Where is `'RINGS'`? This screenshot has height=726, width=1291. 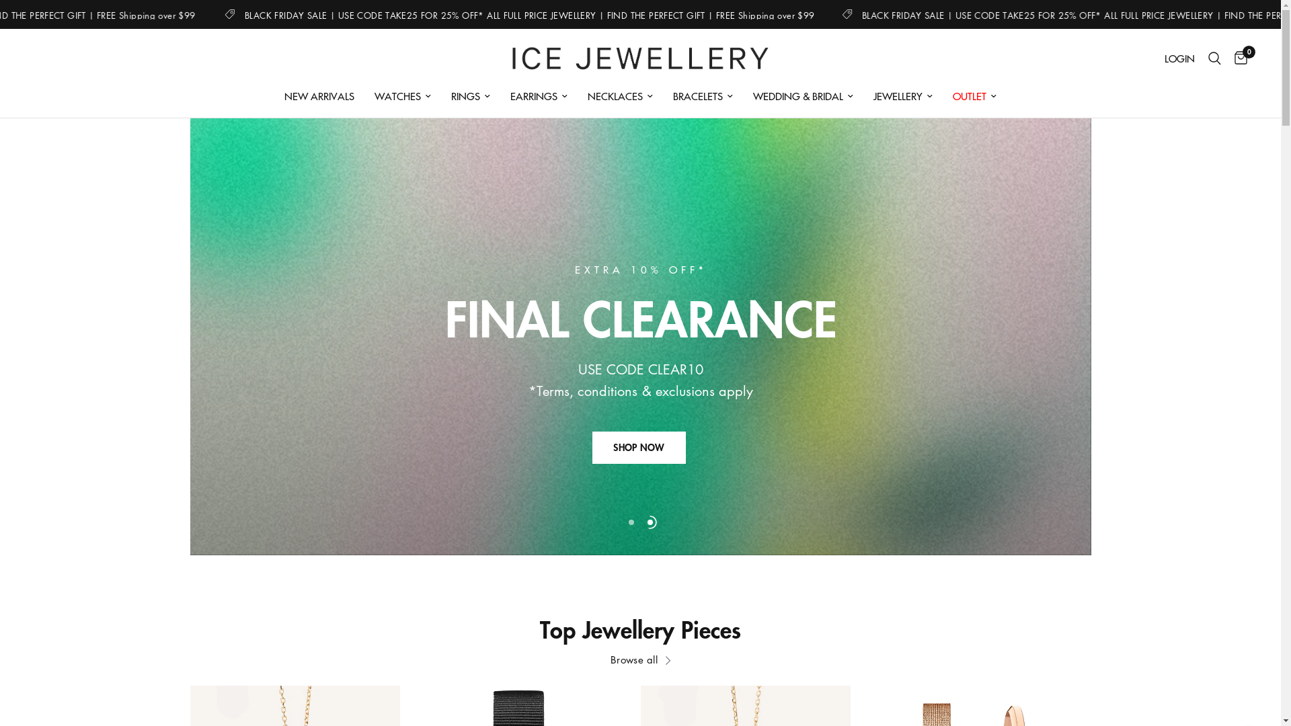
'RINGS' is located at coordinates (471, 95).